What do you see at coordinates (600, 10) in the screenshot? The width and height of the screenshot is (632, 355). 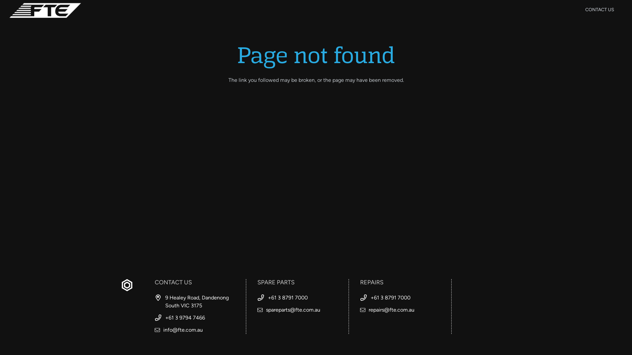 I see `'CONTACT US'` at bounding box center [600, 10].